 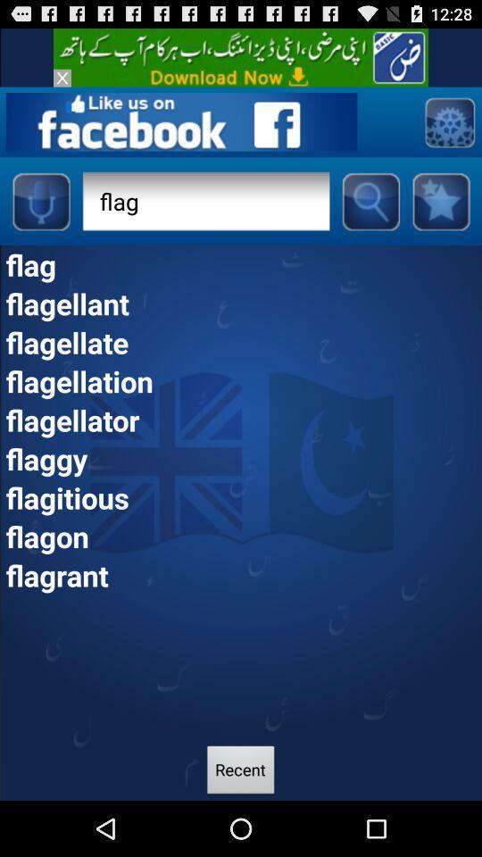 What do you see at coordinates (40, 201) in the screenshot?
I see `record buttin` at bounding box center [40, 201].